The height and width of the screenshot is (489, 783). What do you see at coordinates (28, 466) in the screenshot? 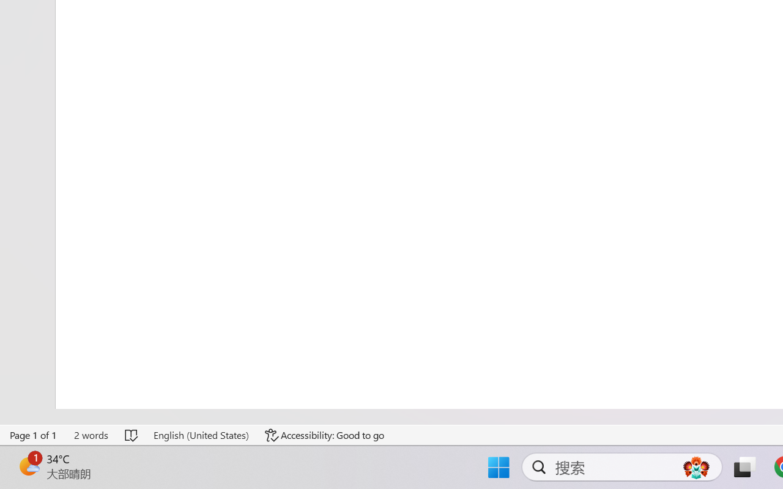
I see `'AutomationID: BadgeAnchorLargeTicker'` at bounding box center [28, 466].